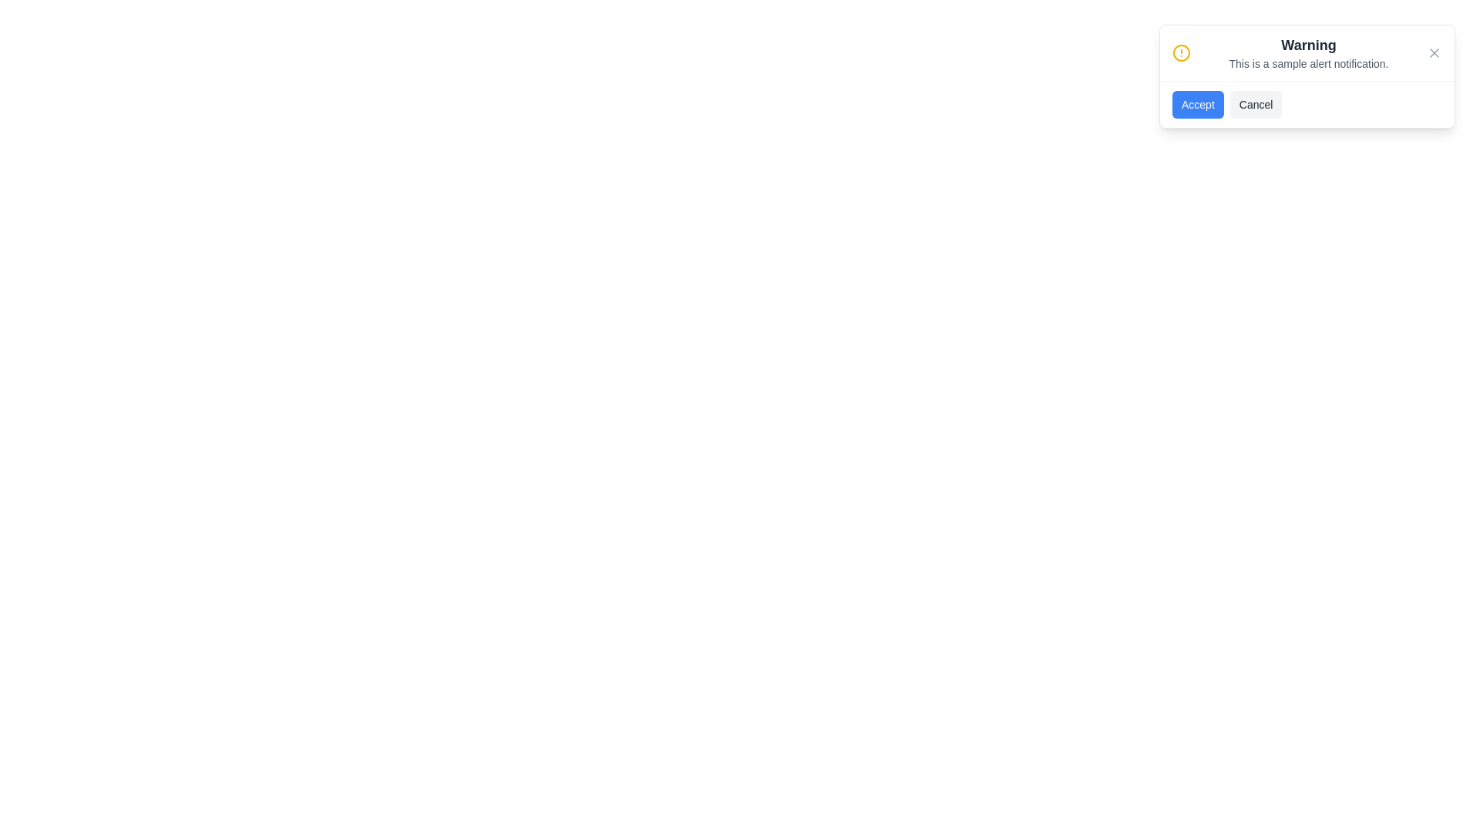 The image size is (1480, 832). I want to click on the close icon in the top-right corner of the notification card, so click(1434, 52).